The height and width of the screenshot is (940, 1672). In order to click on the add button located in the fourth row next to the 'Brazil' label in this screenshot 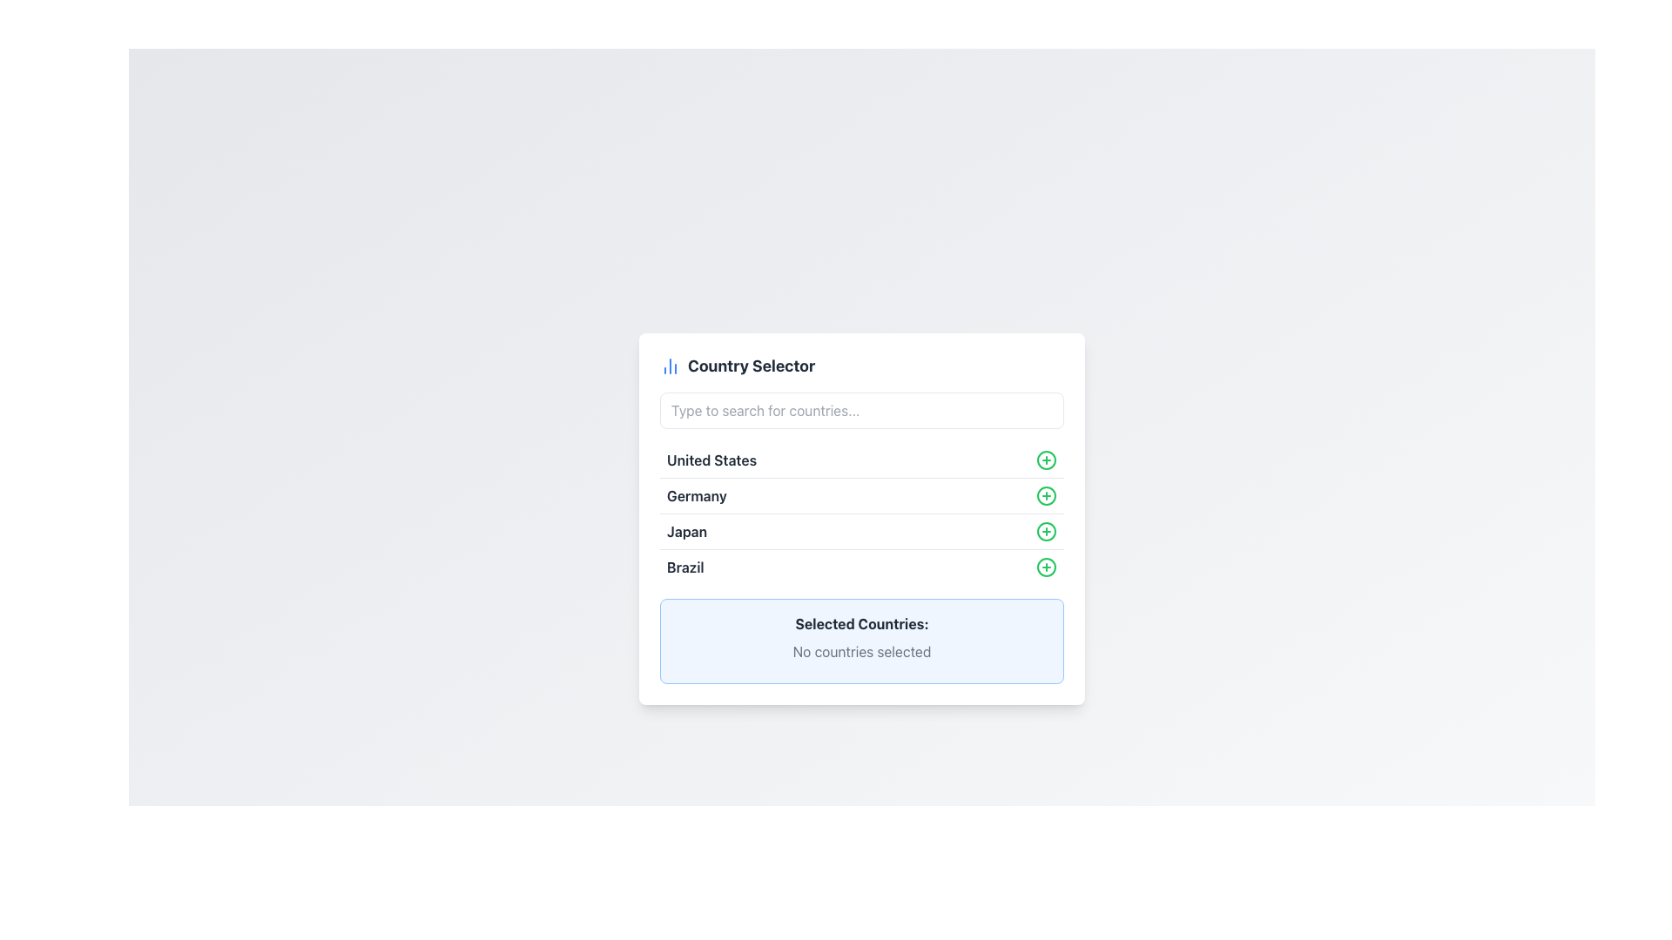, I will do `click(1045, 567)`.